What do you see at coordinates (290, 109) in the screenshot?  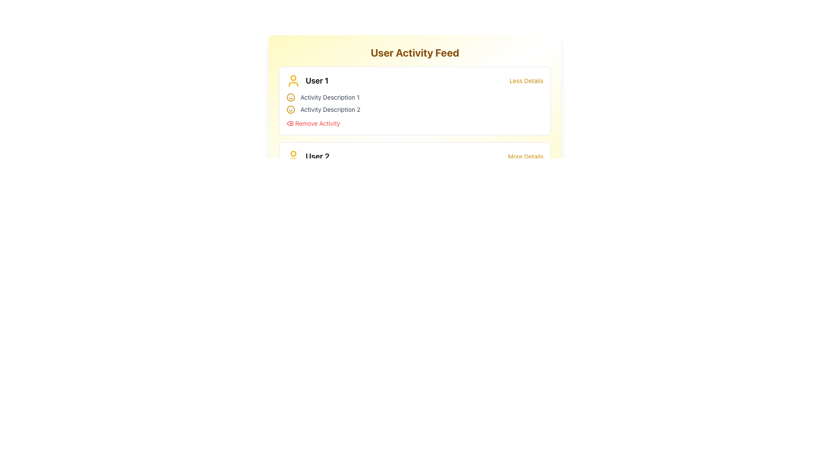 I see `the small yellow smiley face icon located directly to the left of 'Activity Description 2' in the user activity feed` at bounding box center [290, 109].